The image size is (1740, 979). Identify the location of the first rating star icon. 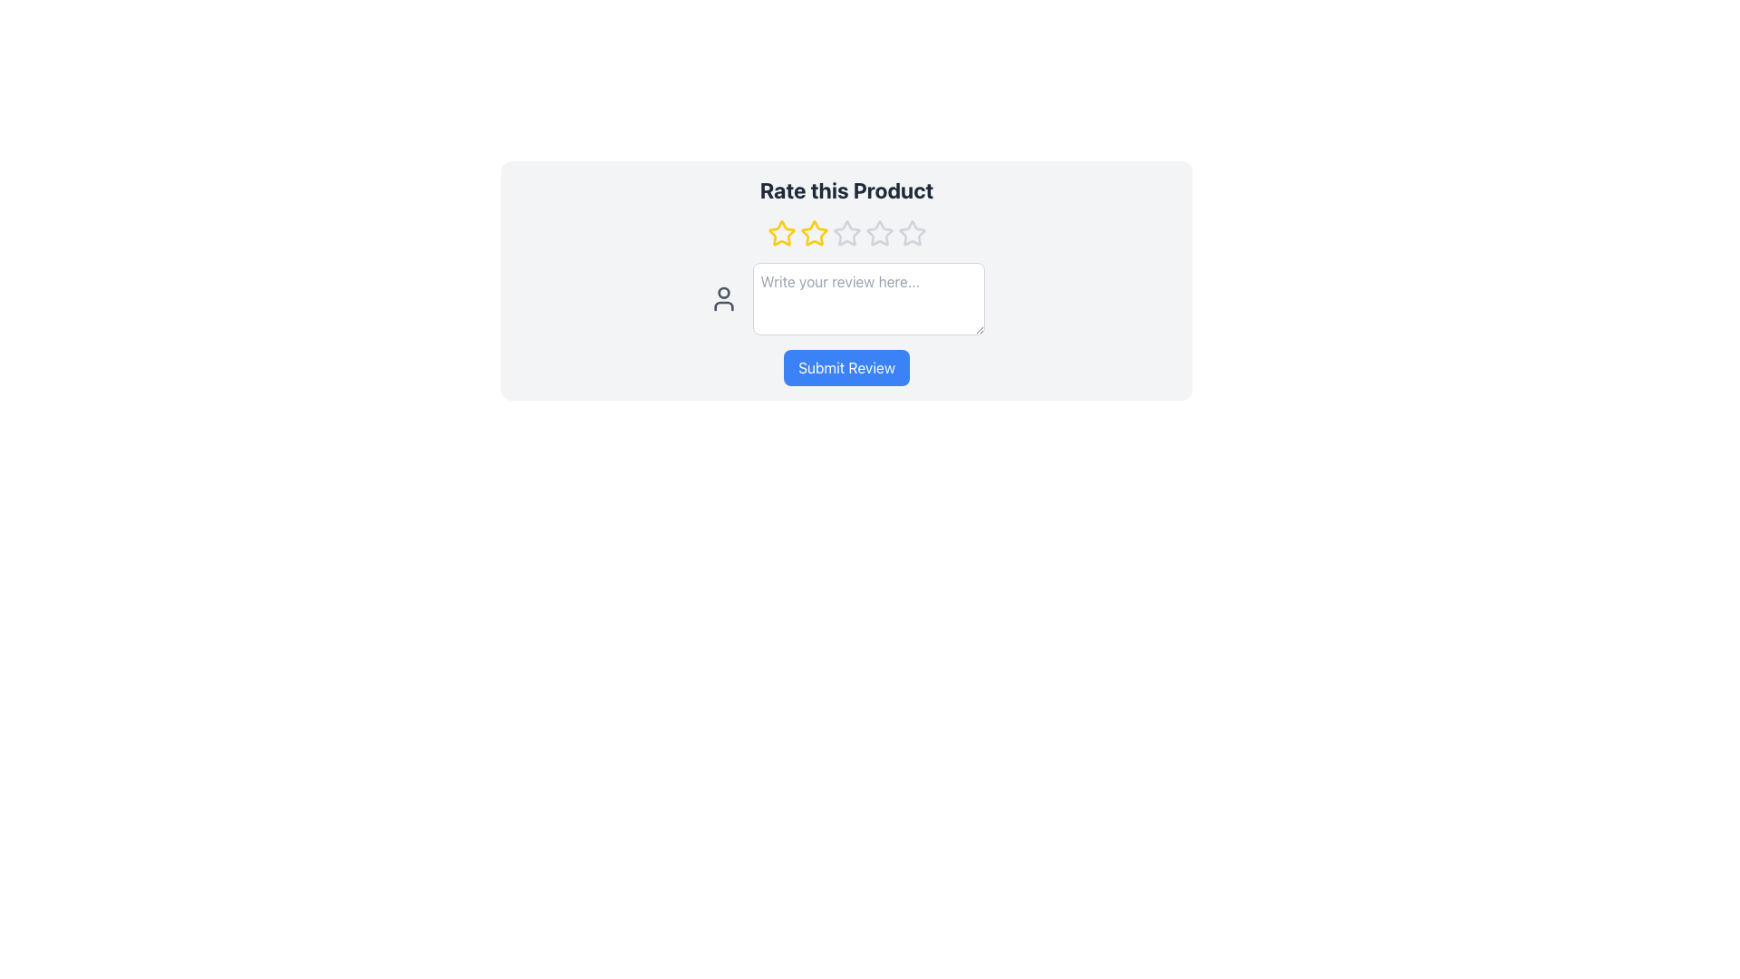
(781, 233).